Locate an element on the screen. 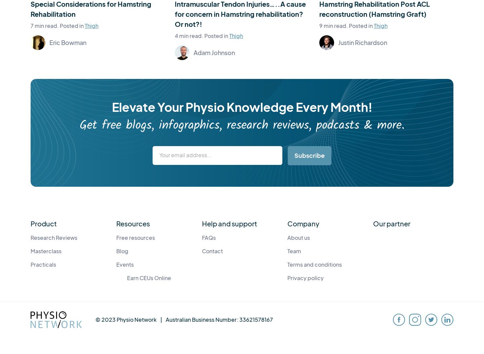  'Privacy policy' is located at coordinates (287, 277).